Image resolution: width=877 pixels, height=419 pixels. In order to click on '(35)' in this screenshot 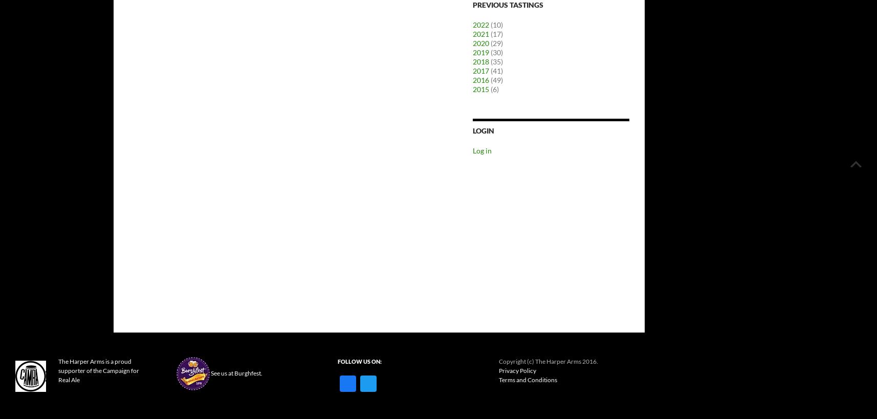, I will do `click(495, 61)`.